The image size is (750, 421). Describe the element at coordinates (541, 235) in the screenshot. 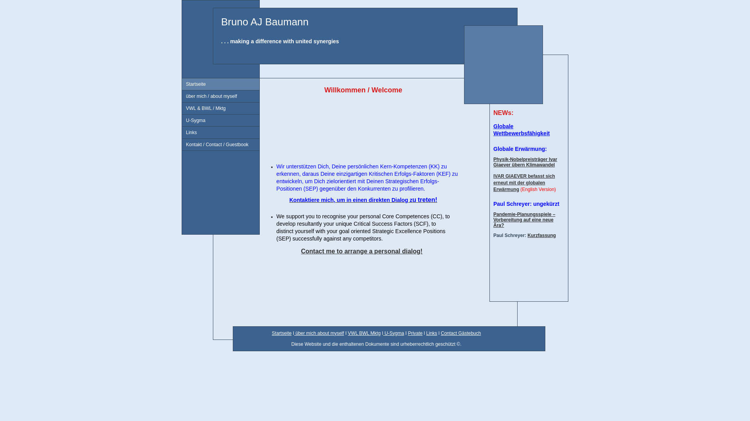

I see `'Kurzfassung'` at that location.